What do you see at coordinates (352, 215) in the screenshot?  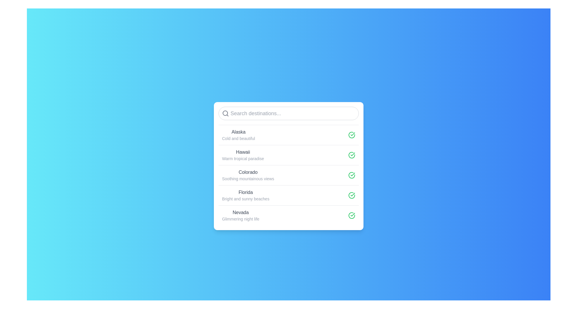 I see `the circular green bordered icon with a green checkmark located next to the text 'Florida' in the fourth list entry` at bounding box center [352, 215].